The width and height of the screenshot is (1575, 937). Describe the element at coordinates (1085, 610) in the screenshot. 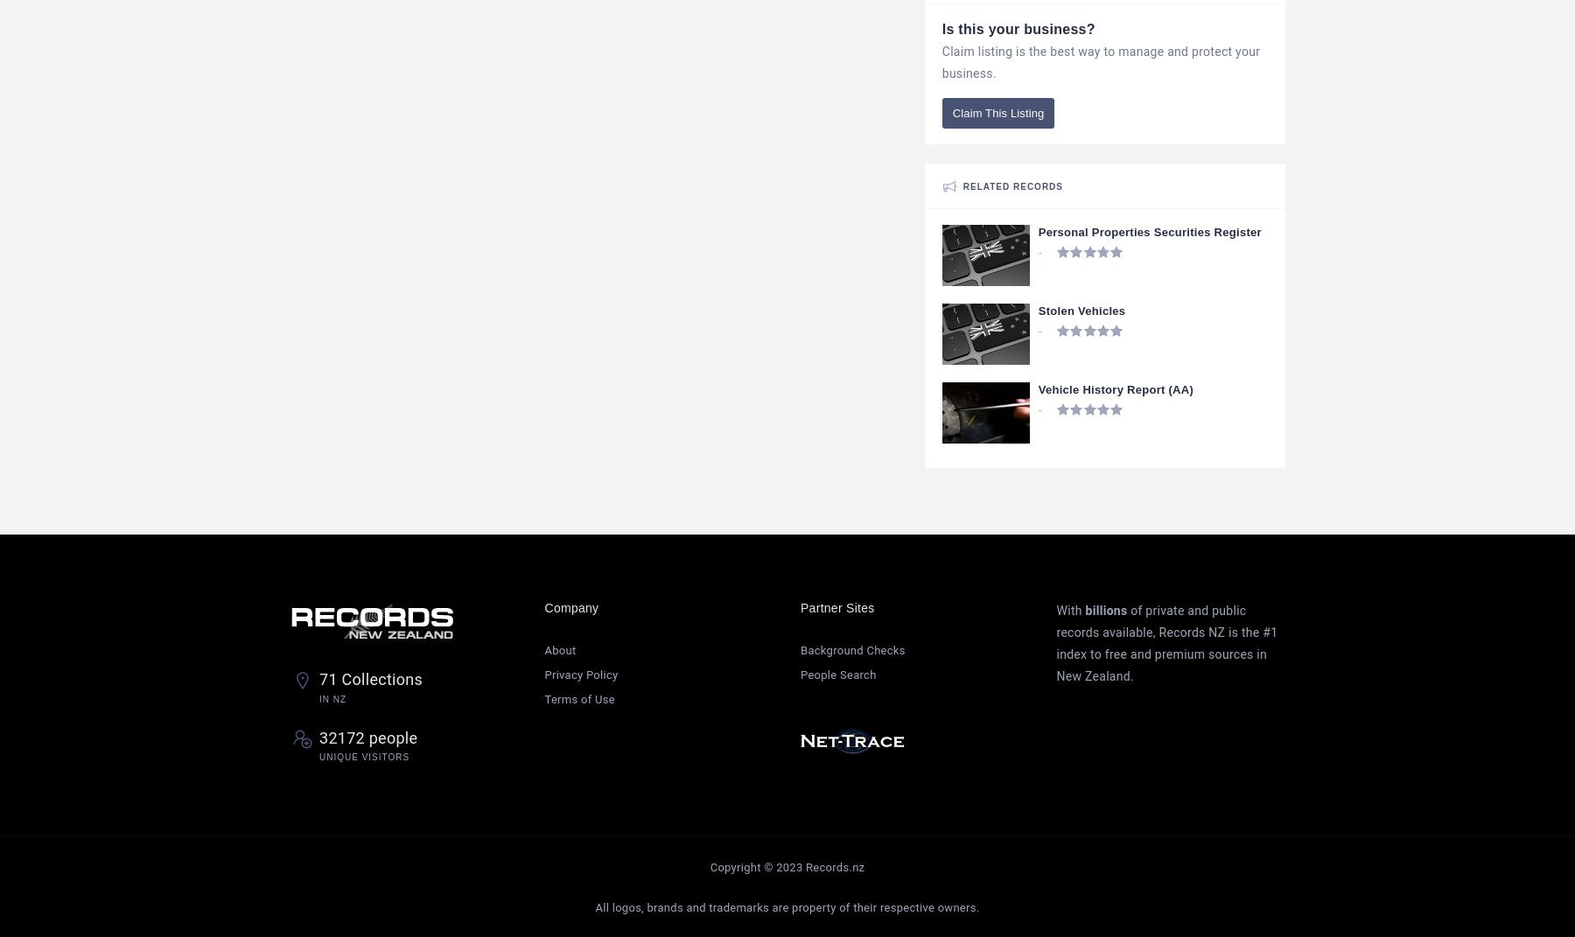

I see `'billions'` at that location.